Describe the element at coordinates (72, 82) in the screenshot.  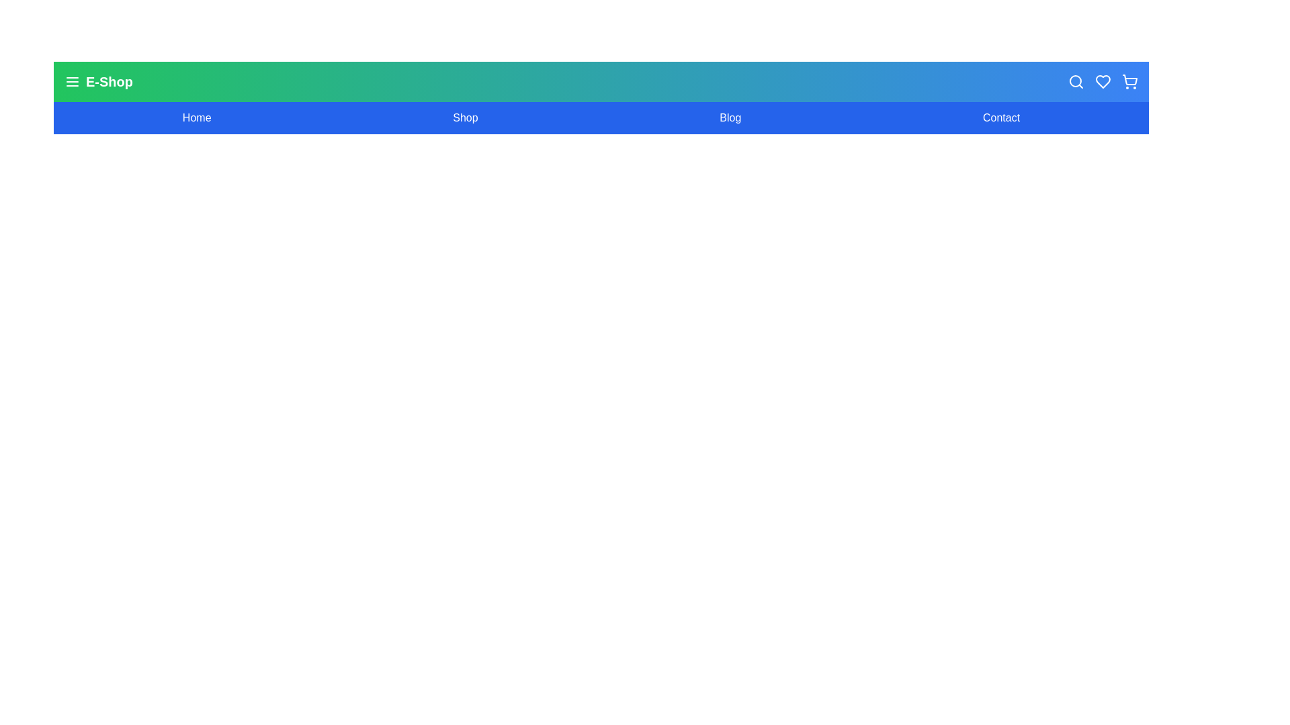
I see `the menu button to toggle the menu visibility` at that location.